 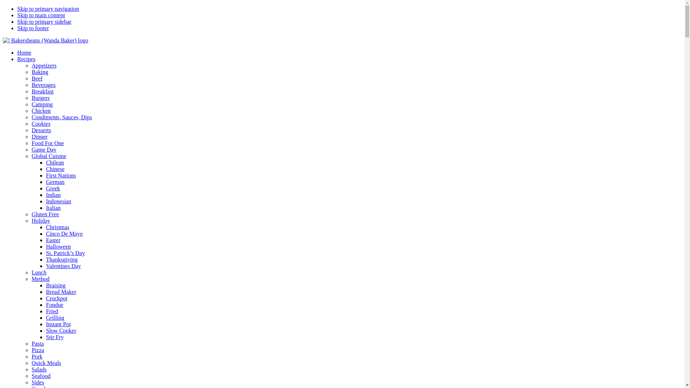 I want to click on 'Seafood', so click(x=31, y=375).